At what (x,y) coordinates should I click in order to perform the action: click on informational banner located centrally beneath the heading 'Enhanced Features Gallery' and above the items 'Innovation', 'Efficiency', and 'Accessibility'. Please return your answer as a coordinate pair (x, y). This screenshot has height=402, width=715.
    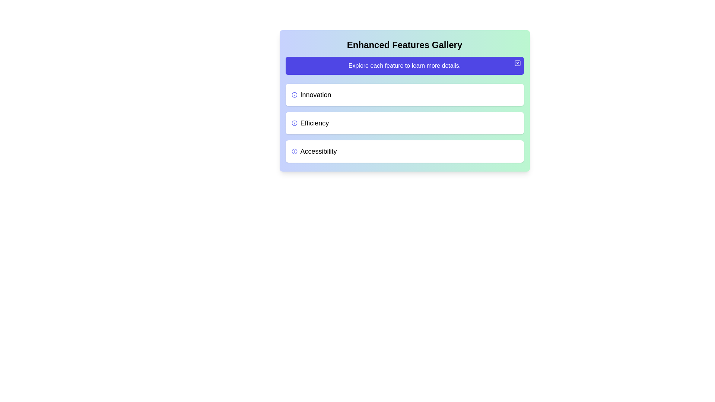
    Looking at the image, I should click on (404, 66).